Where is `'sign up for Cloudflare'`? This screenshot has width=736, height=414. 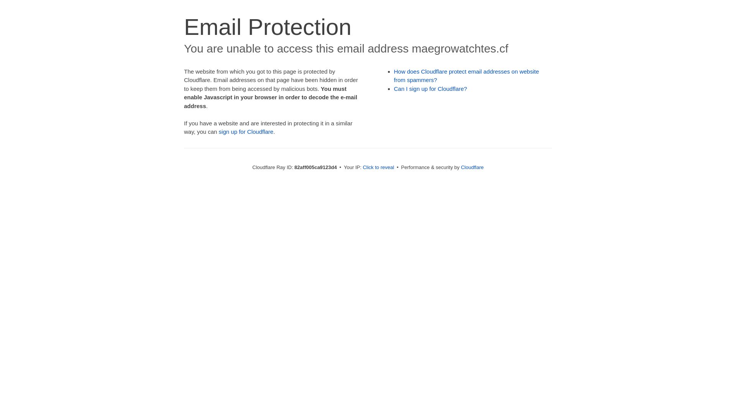 'sign up for Cloudflare' is located at coordinates (246, 131).